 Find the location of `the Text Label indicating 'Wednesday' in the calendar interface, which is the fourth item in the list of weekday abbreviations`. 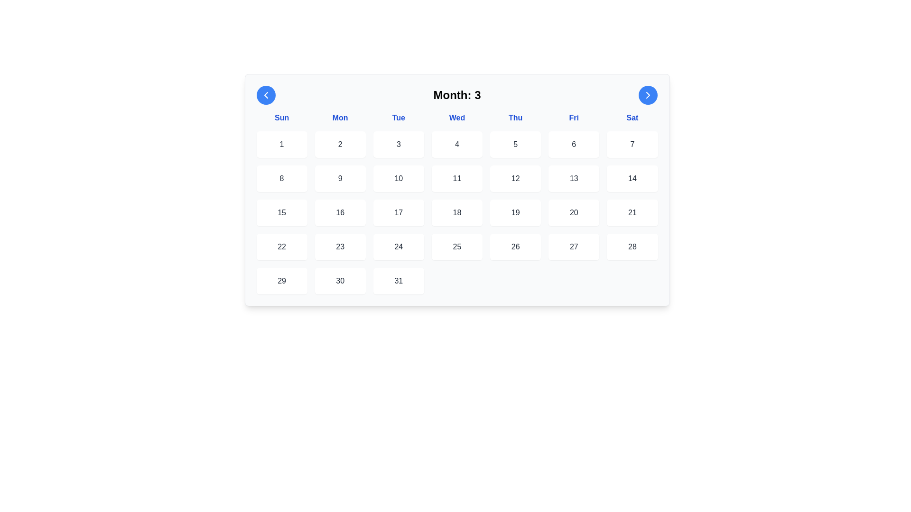

the Text Label indicating 'Wednesday' in the calendar interface, which is the fourth item in the list of weekday abbreviations is located at coordinates (457, 118).